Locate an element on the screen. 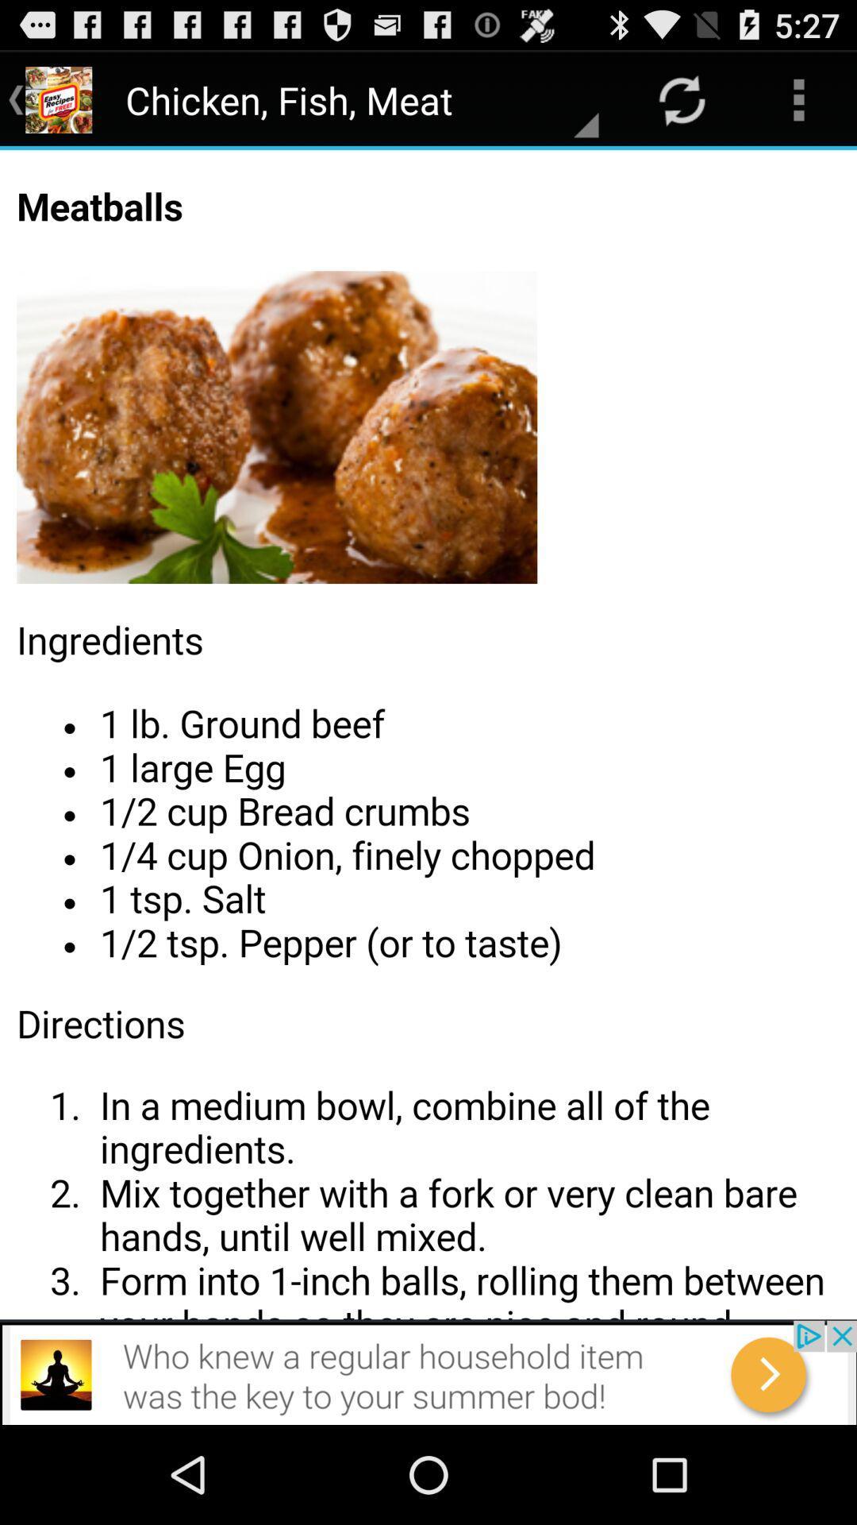 The image size is (857, 1525). advertisement page is located at coordinates (428, 1372).